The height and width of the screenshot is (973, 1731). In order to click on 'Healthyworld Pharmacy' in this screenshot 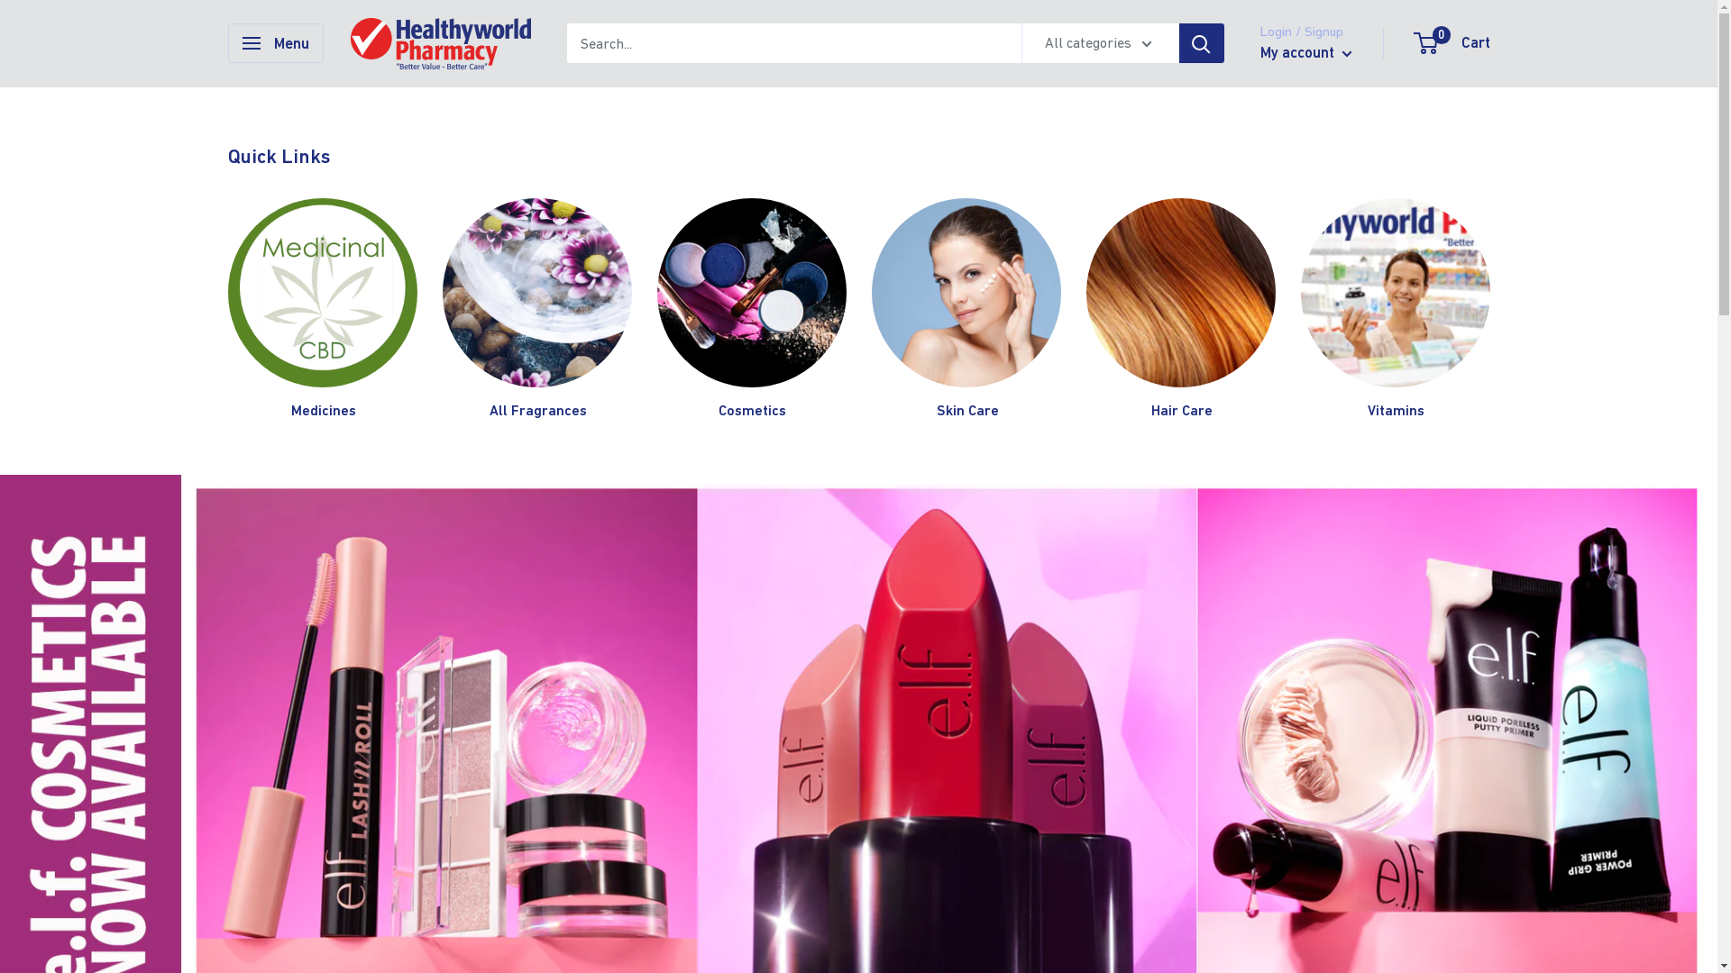, I will do `click(350, 42)`.